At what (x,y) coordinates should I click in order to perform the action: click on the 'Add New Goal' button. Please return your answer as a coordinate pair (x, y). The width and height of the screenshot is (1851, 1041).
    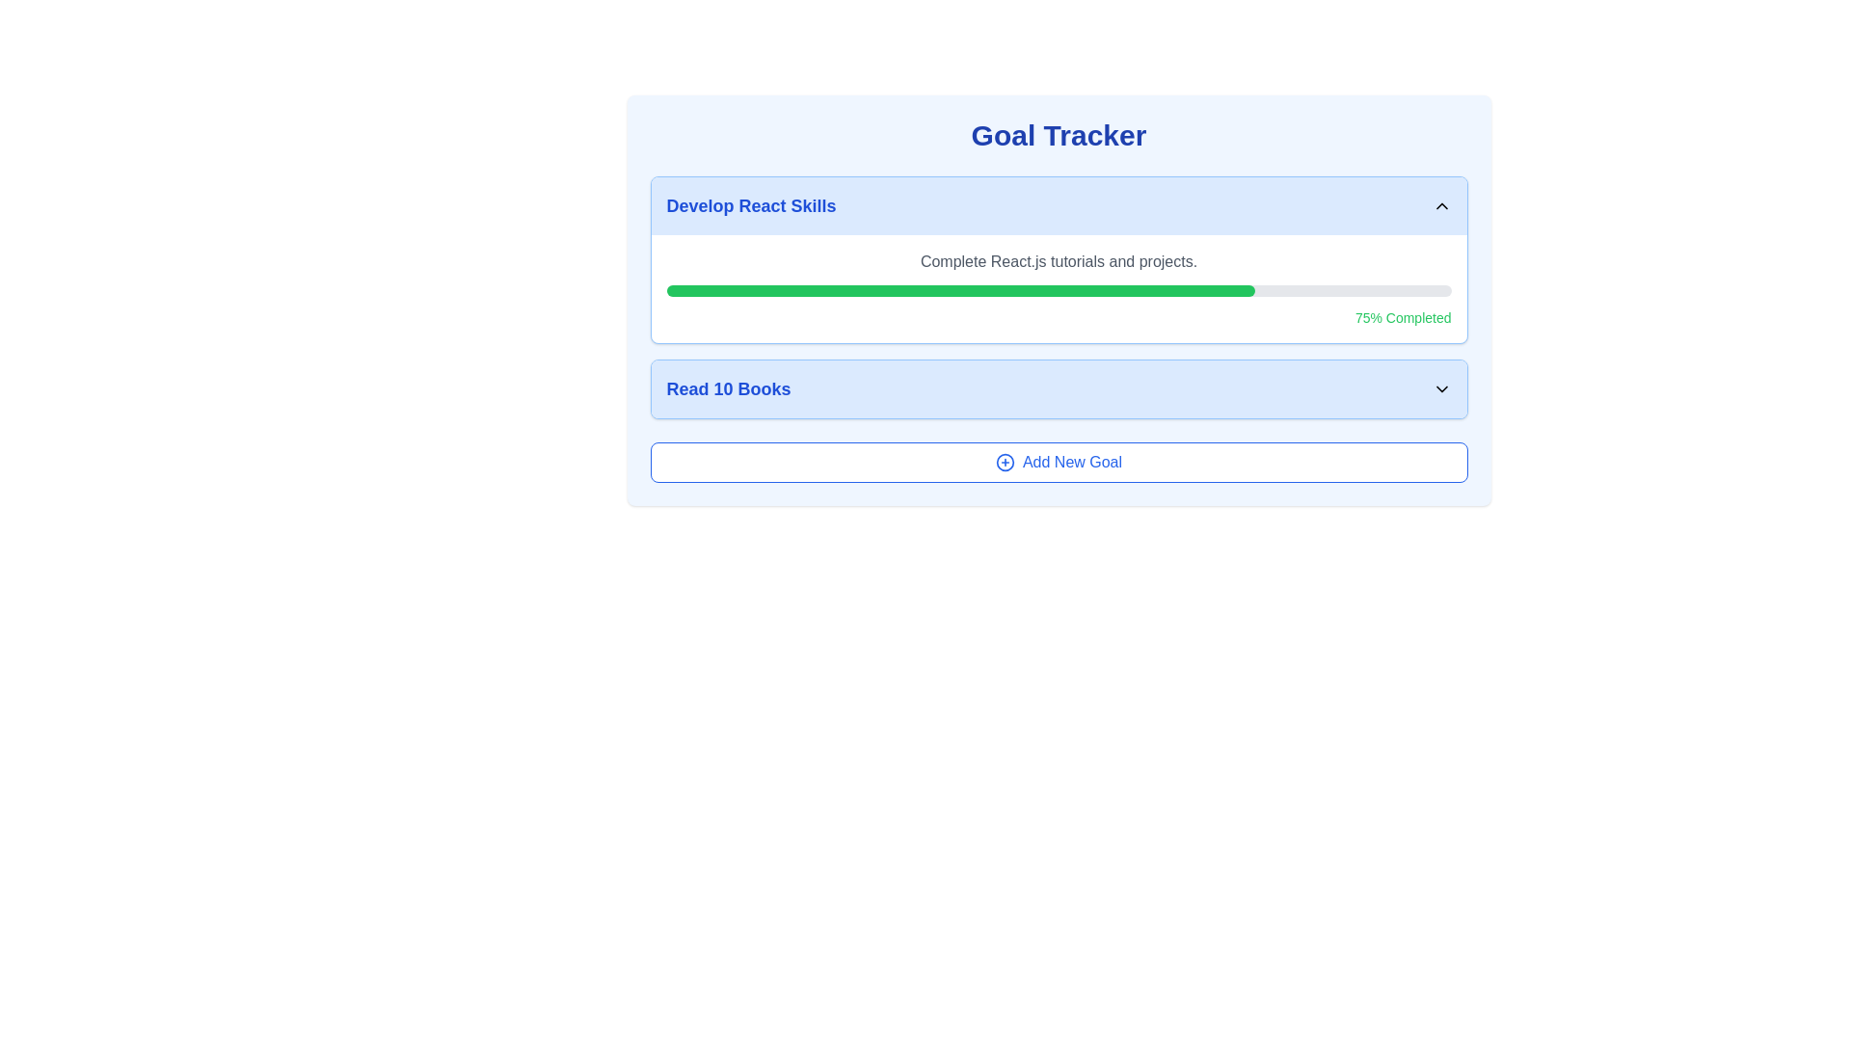
    Looking at the image, I should click on (1058, 462).